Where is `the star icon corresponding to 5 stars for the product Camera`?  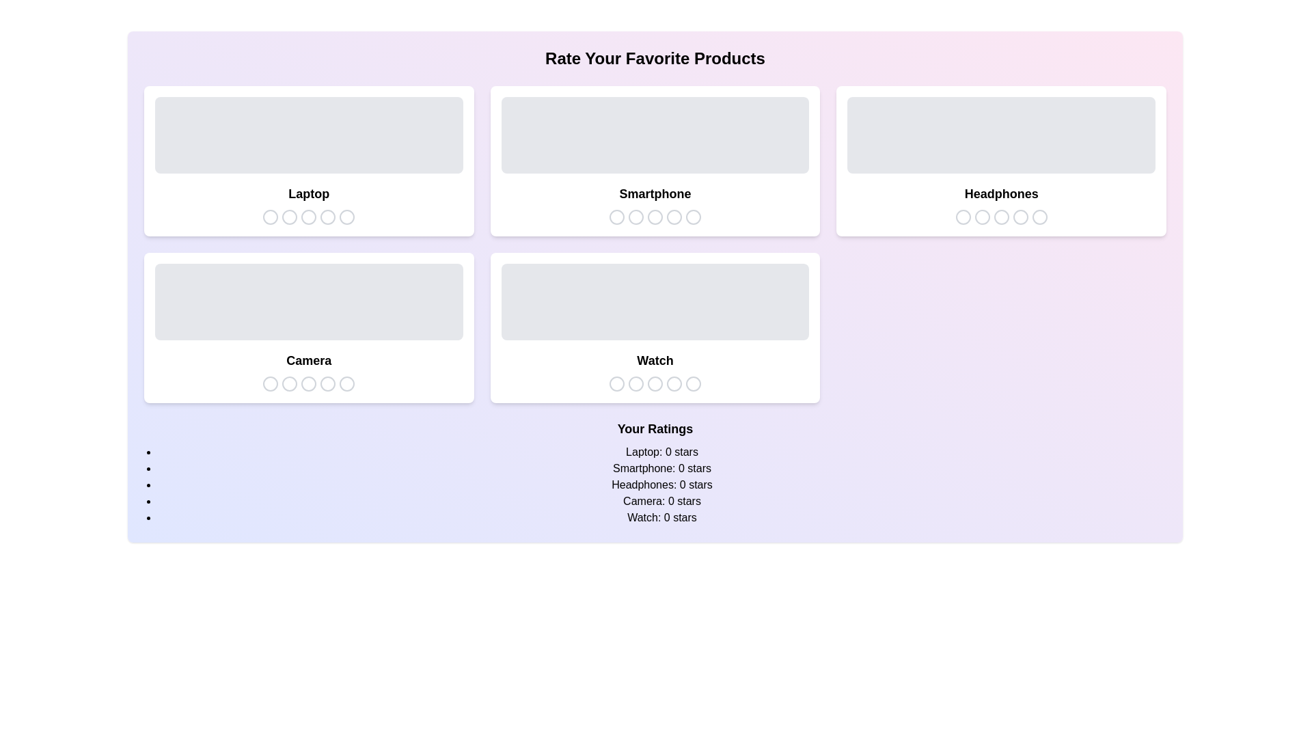
the star icon corresponding to 5 stars for the product Camera is located at coordinates (347, 384).